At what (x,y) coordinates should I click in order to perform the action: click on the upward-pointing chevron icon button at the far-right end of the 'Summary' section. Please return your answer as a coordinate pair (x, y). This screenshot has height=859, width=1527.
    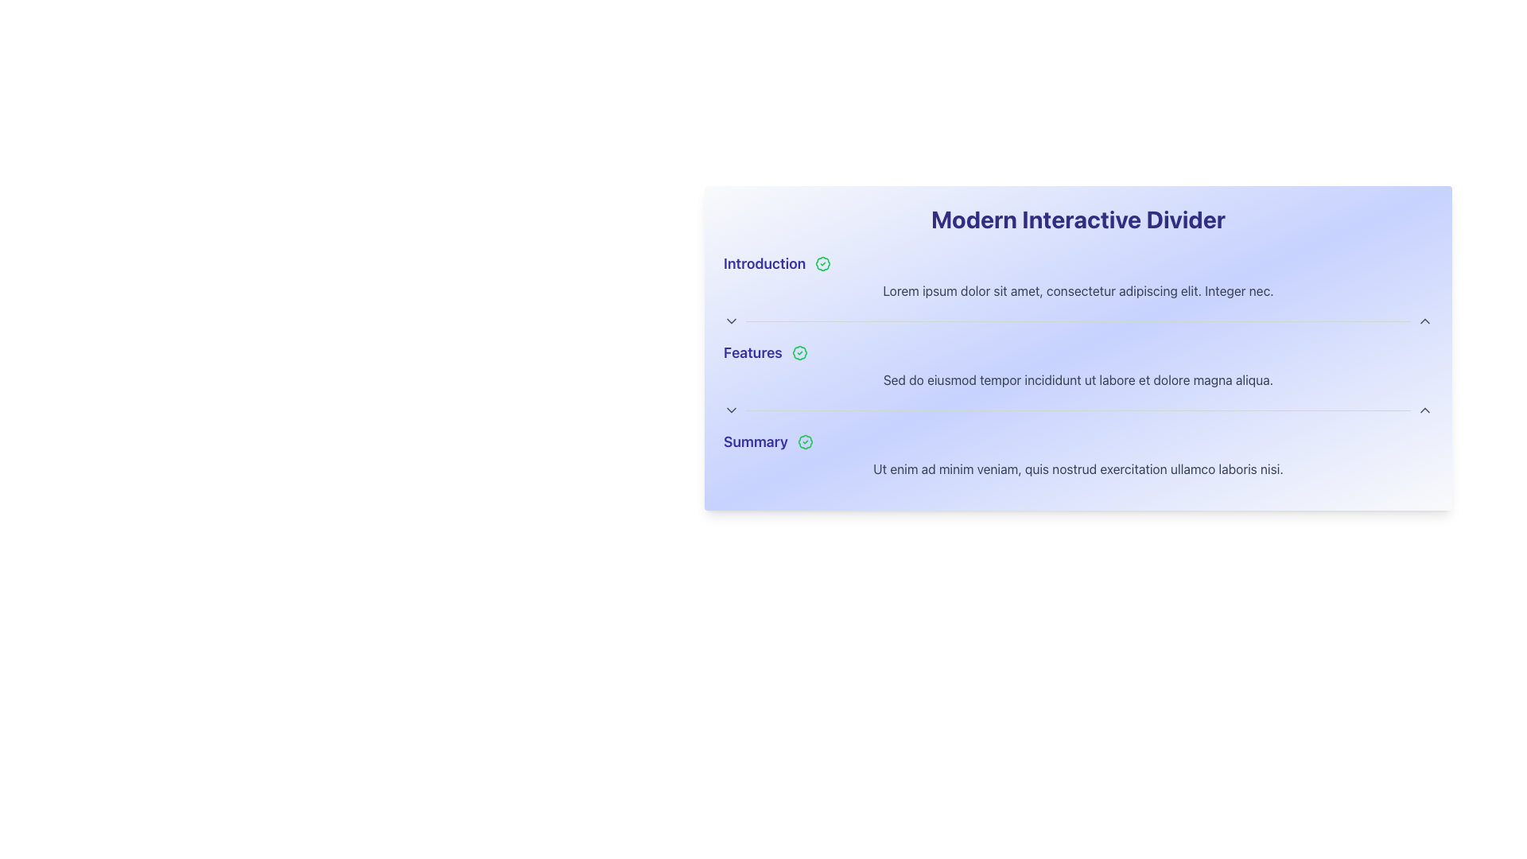
    Looking at the image, I should click on (1424, 410).